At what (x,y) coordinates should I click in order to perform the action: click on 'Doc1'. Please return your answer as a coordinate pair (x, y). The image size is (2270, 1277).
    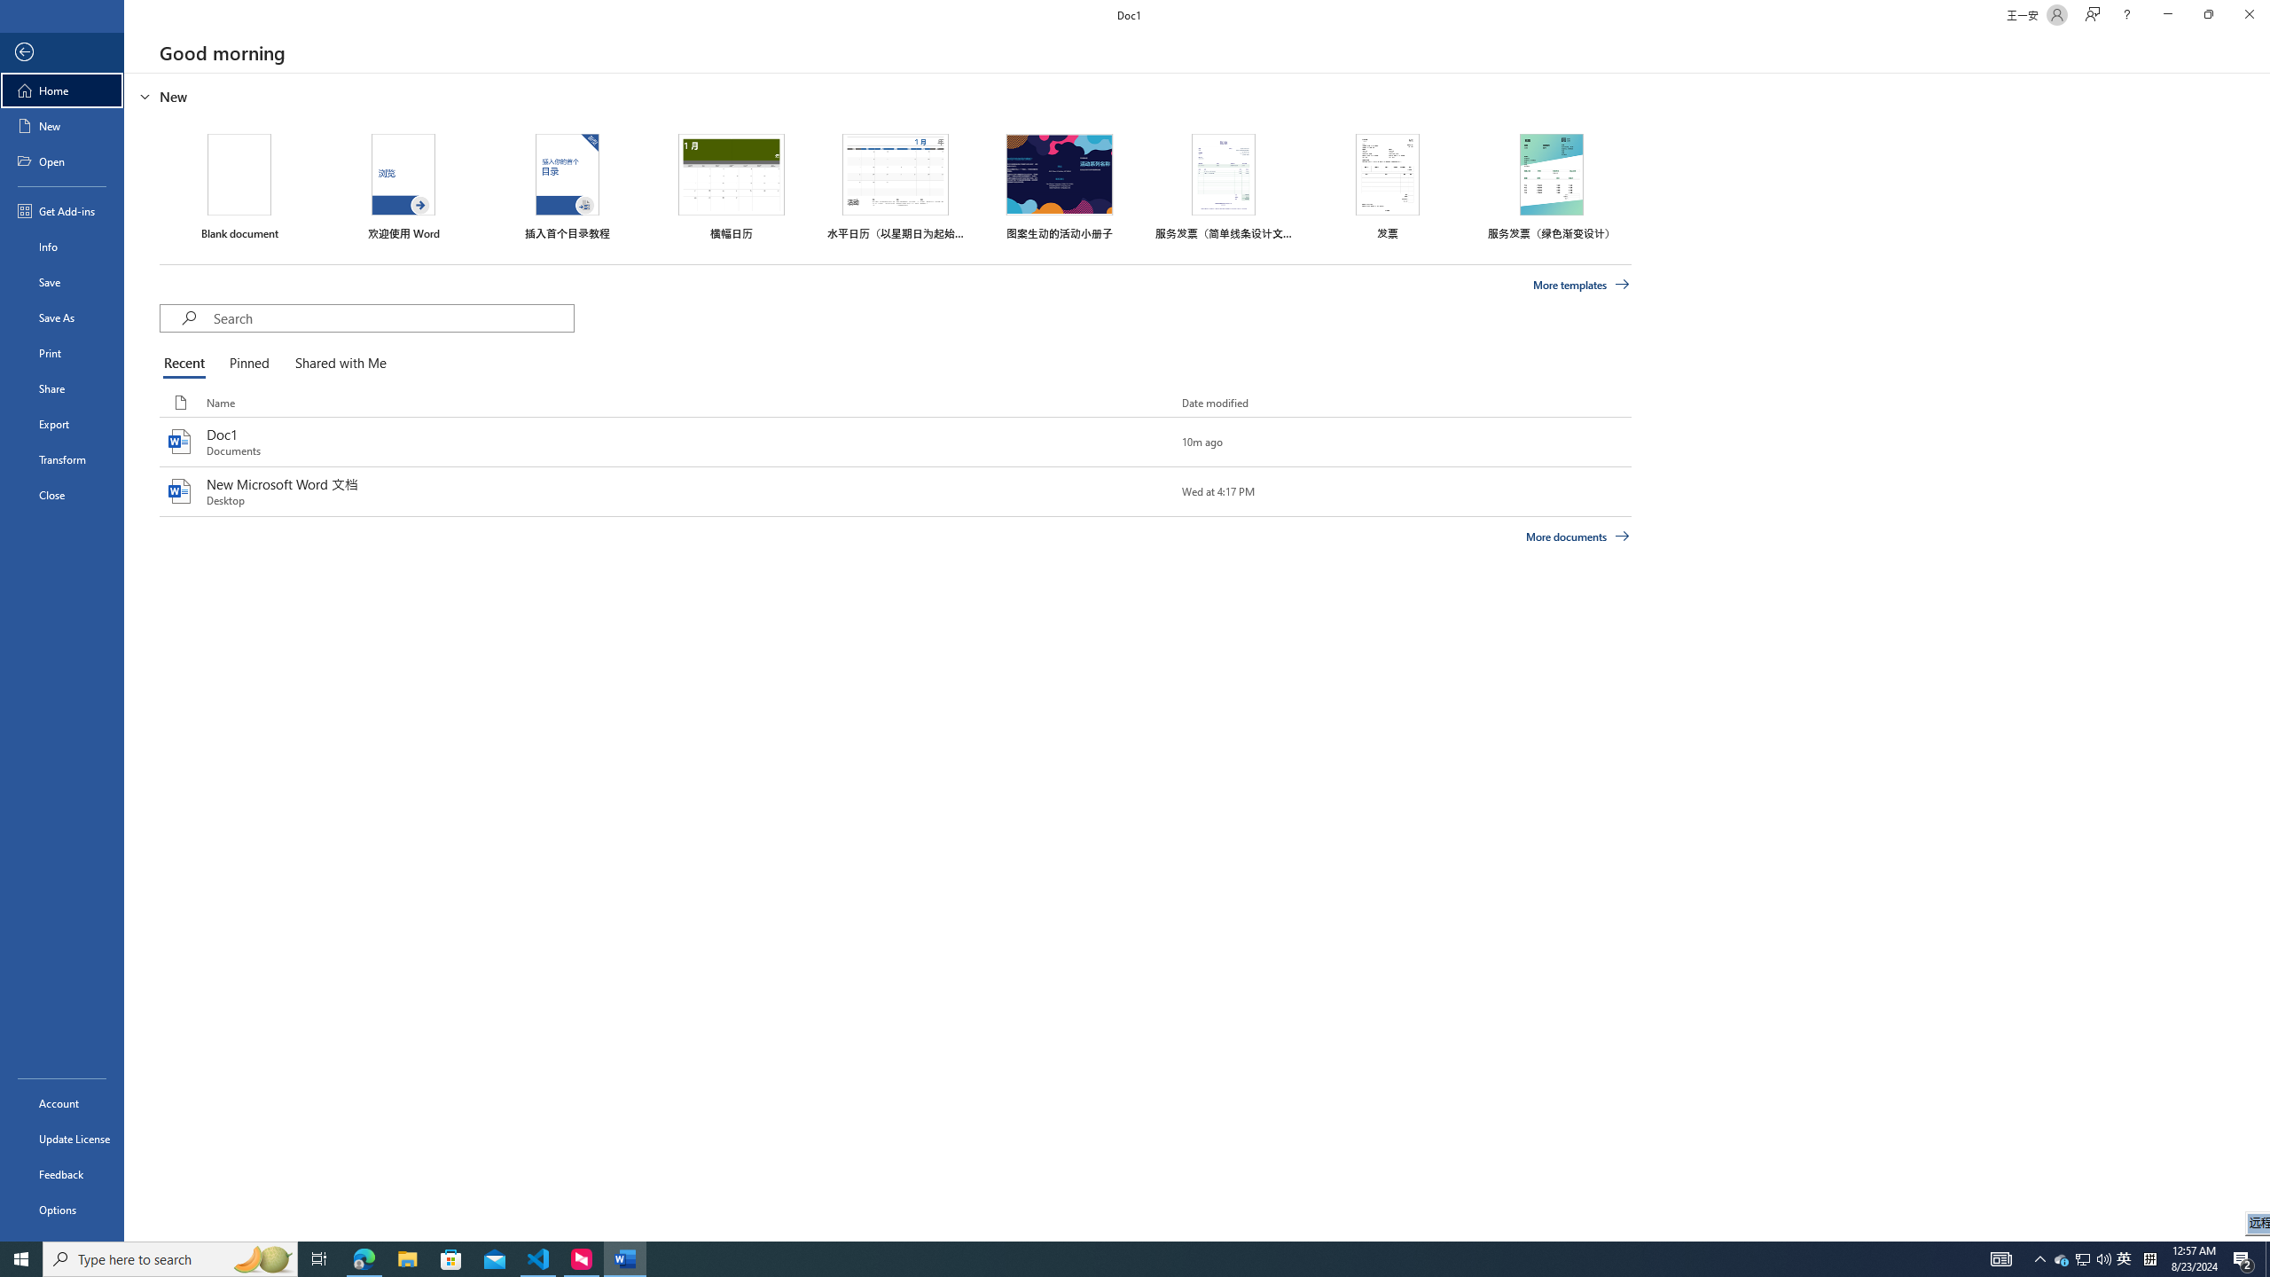
    Looking at the image, I should click on (894, 441).